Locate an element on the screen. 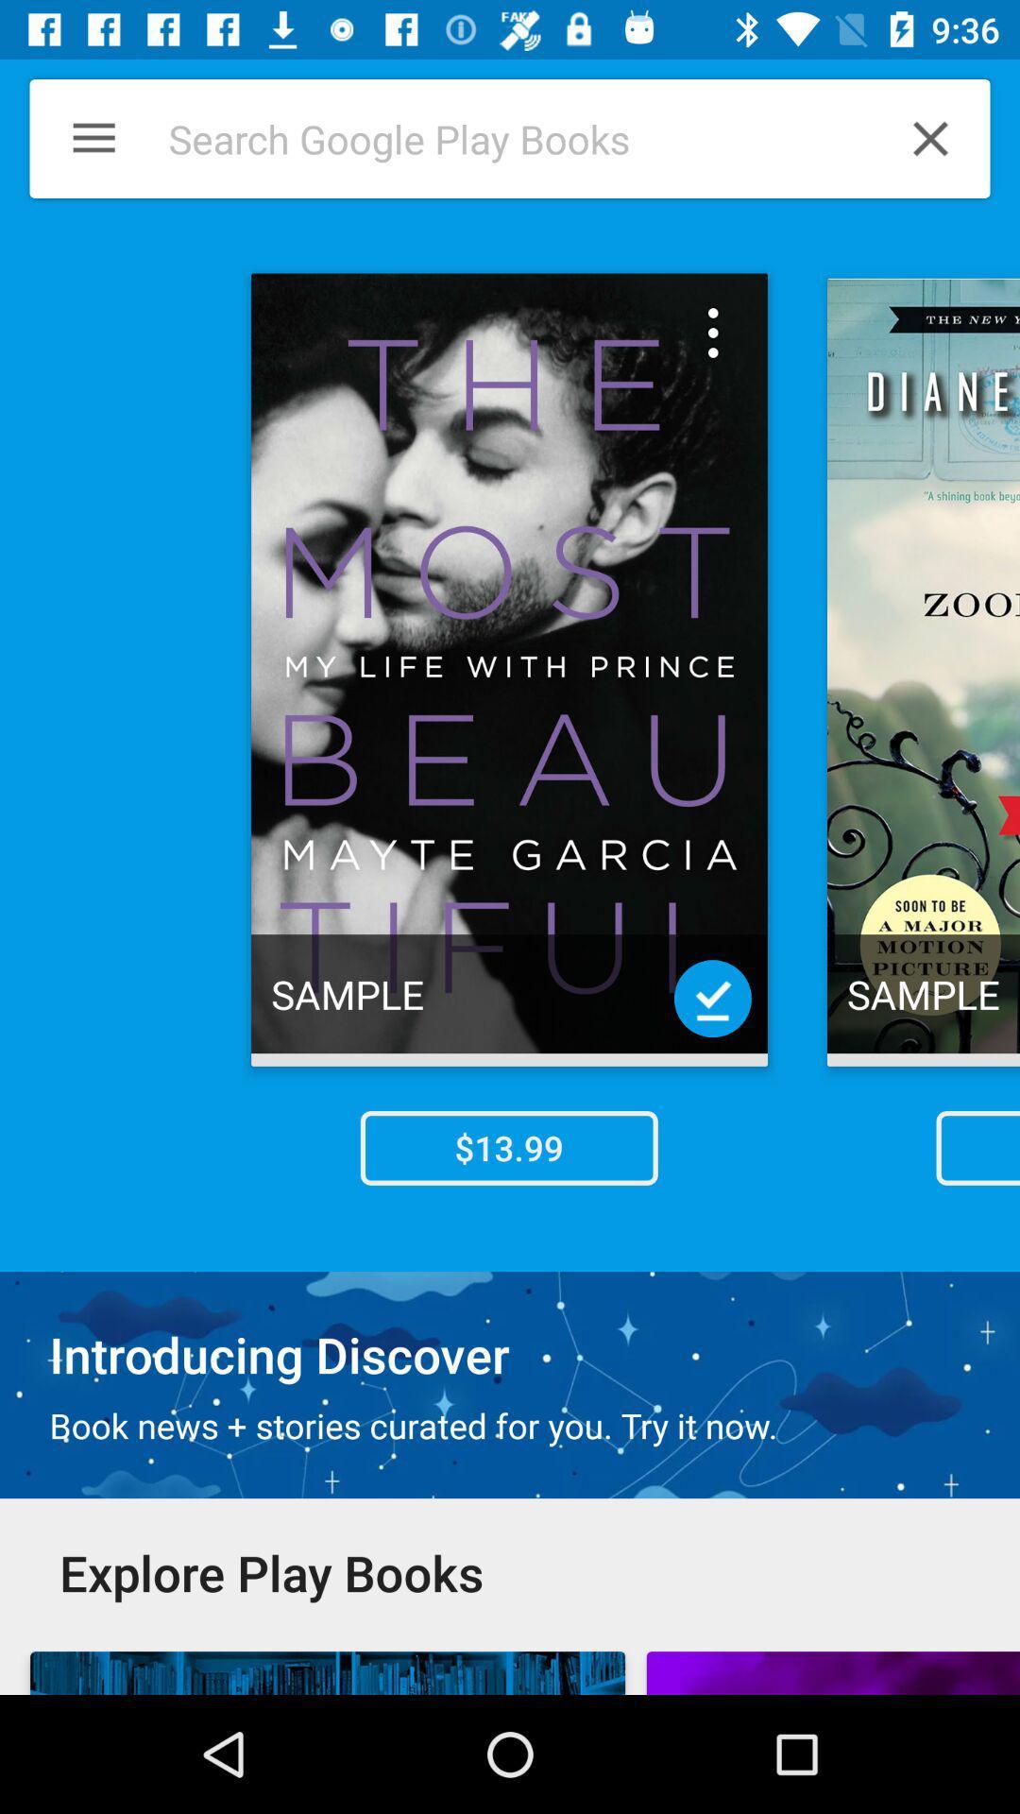 This screenshot has width=1020, height=1814. search books is located at coordinates (499, 138).